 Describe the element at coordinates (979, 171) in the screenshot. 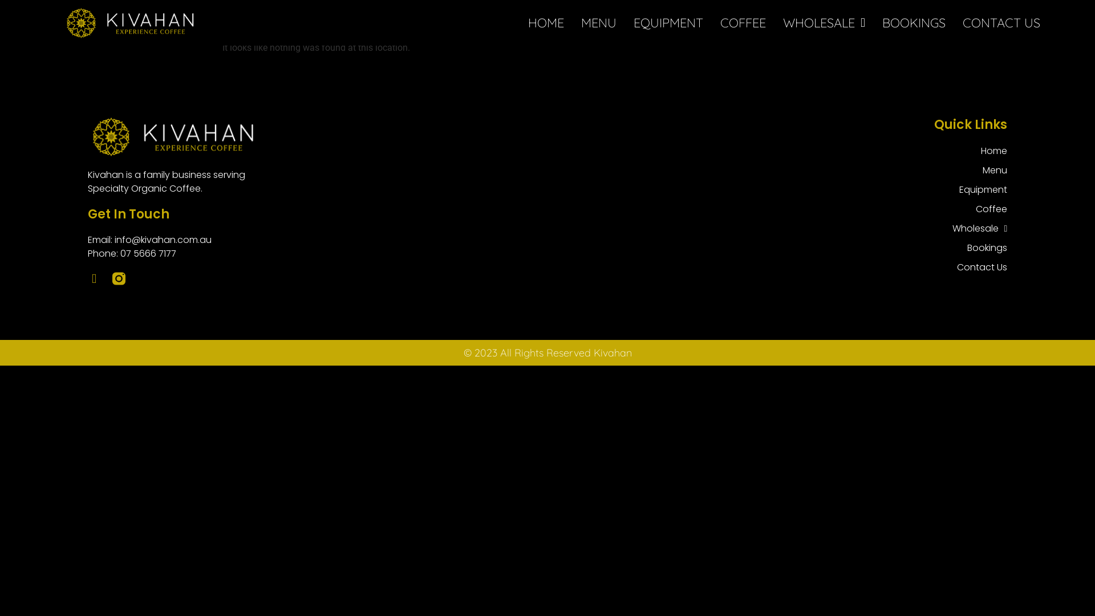

I see `'Menu'` at that location.